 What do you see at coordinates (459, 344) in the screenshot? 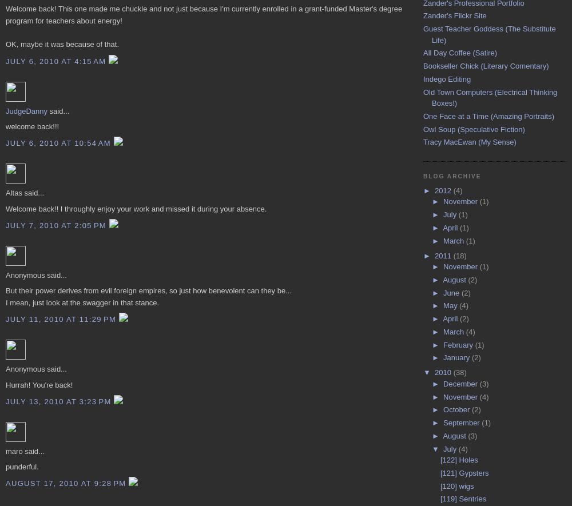
I see `'February'` at bounding box center [459, 344].